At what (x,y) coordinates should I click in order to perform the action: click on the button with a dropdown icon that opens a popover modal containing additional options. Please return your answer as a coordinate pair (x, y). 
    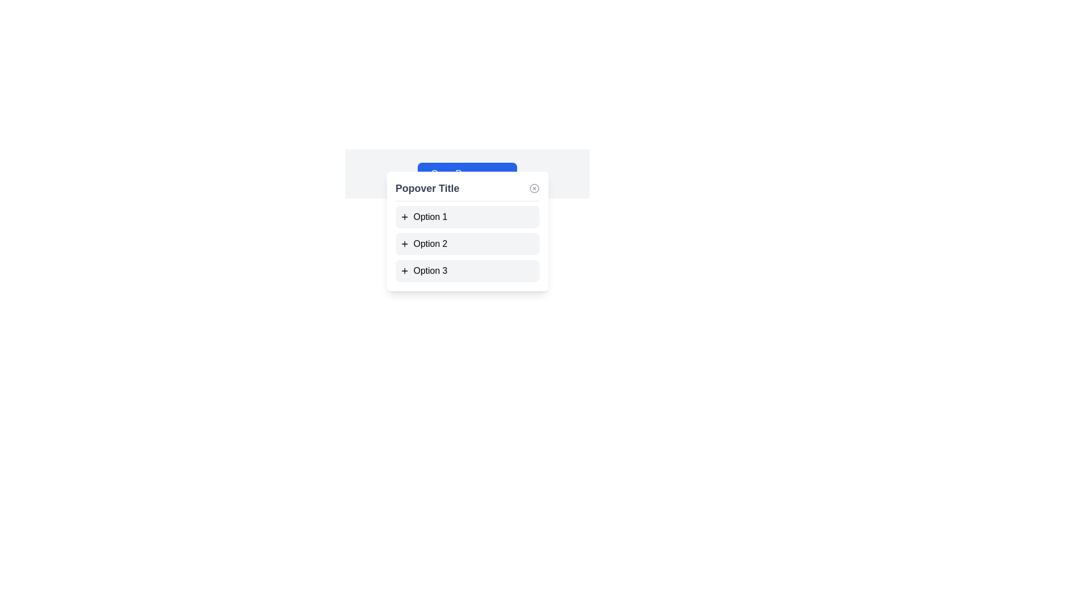
    Looking at the image, I should click on (467, 173).